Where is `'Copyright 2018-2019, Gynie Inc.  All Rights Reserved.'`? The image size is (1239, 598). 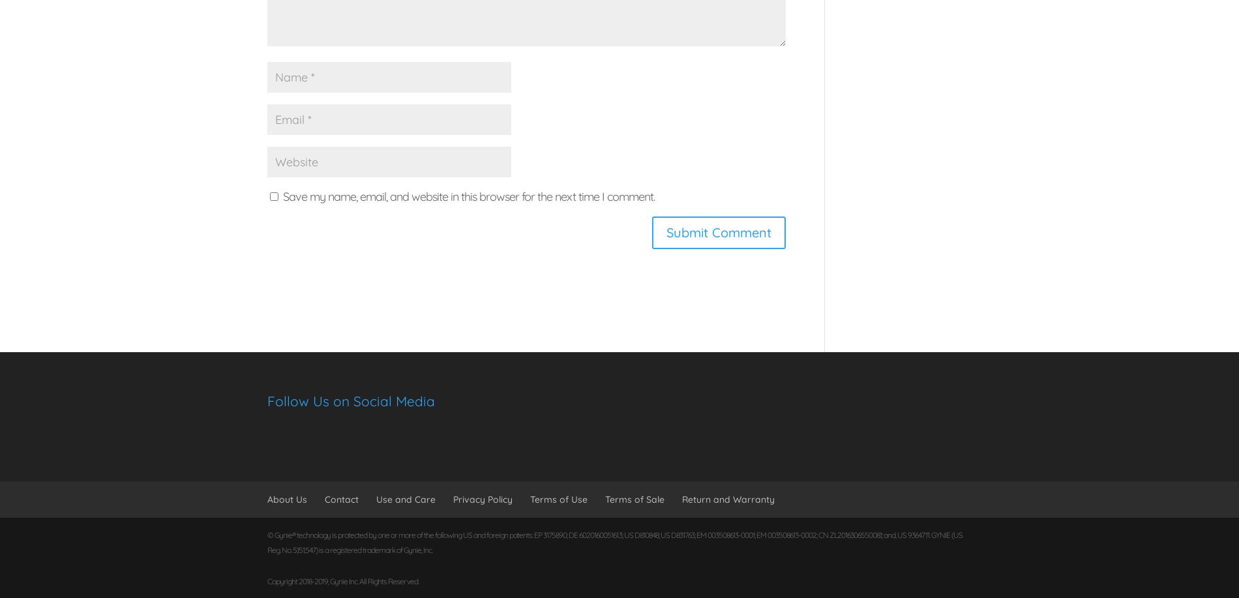
'Copyright 2018-2019, Gynie Inc.  All Rights Reserved.' is located at coordinates (342, 580).